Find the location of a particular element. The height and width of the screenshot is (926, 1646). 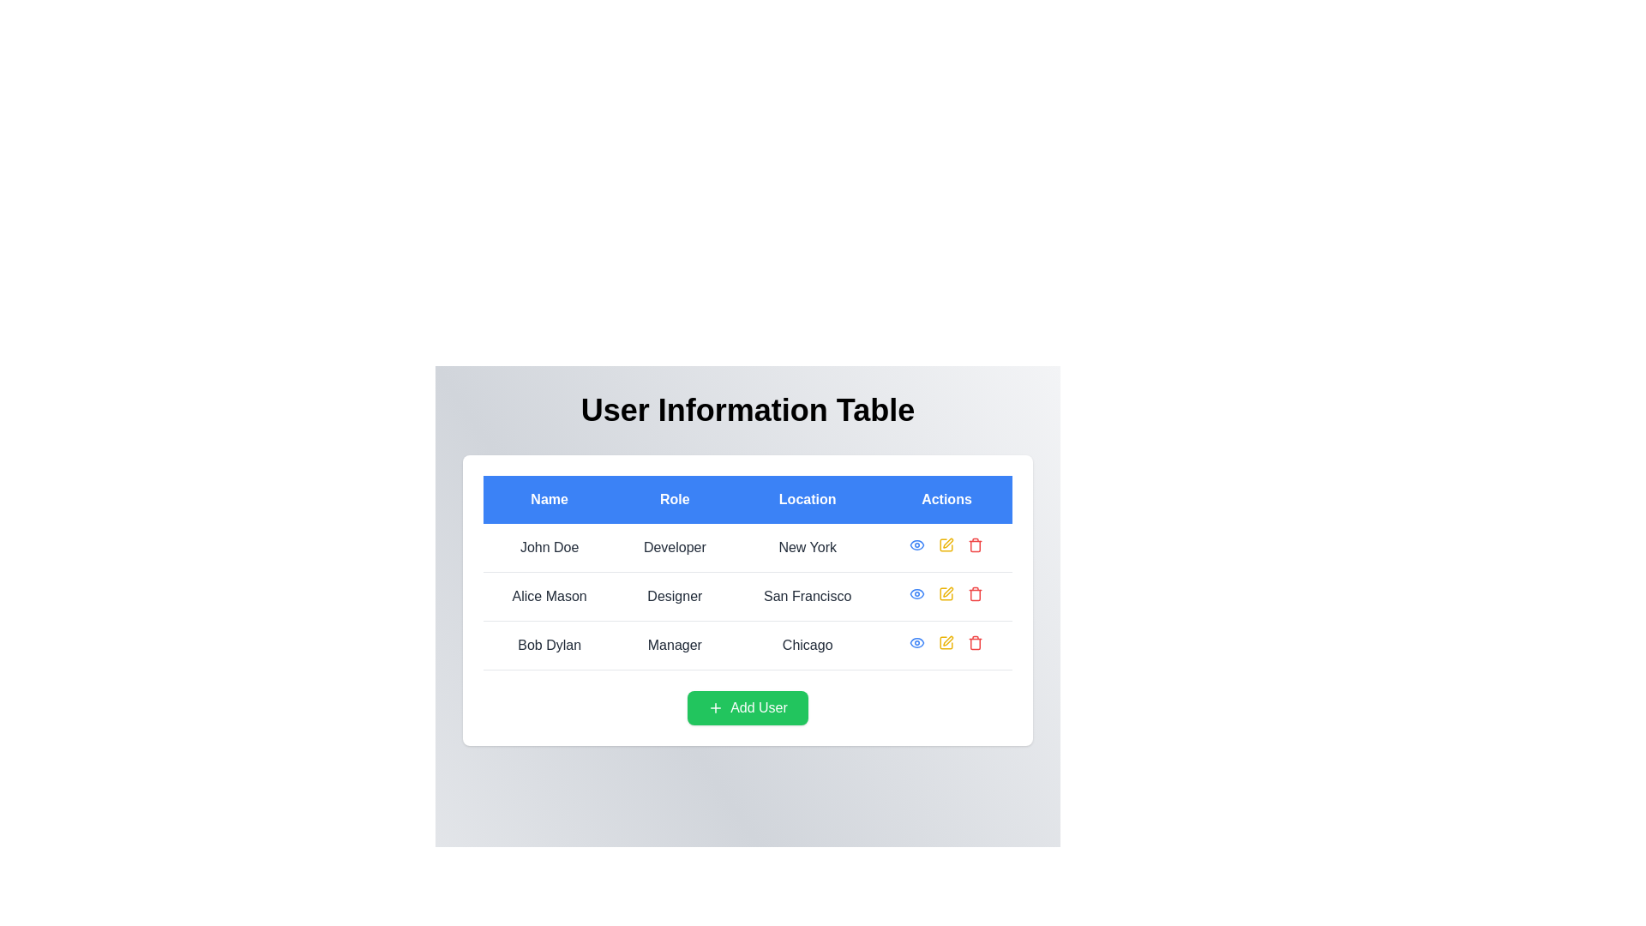

the non-interactive text label indicating the location associated with the person or item listed in the table, located in the third column of the first data row under the 'Location' header is located at coordinates (807, 548).